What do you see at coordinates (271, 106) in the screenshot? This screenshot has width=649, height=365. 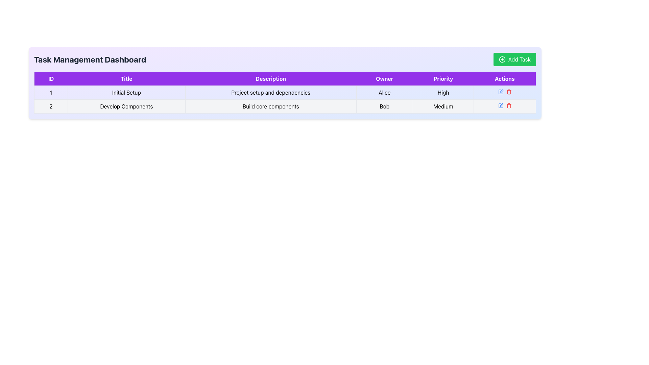 I see `the text element reading 'Build core components' located in the second row under the 'Description' column of the table` at bounding box center [271, 106].